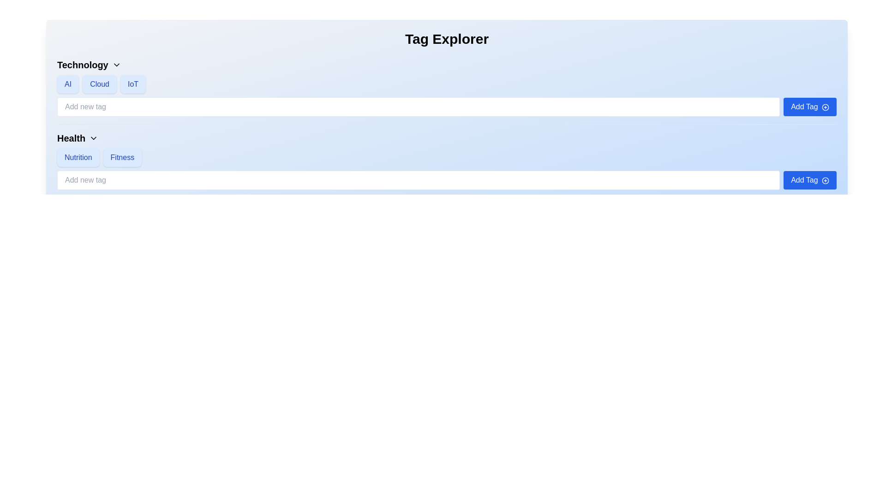 The height and width of the screenshot is (498, 886). I want to click on the button labeled 'Fitness', which is styled with rounded corners and a light blue background, so click(121, 157).